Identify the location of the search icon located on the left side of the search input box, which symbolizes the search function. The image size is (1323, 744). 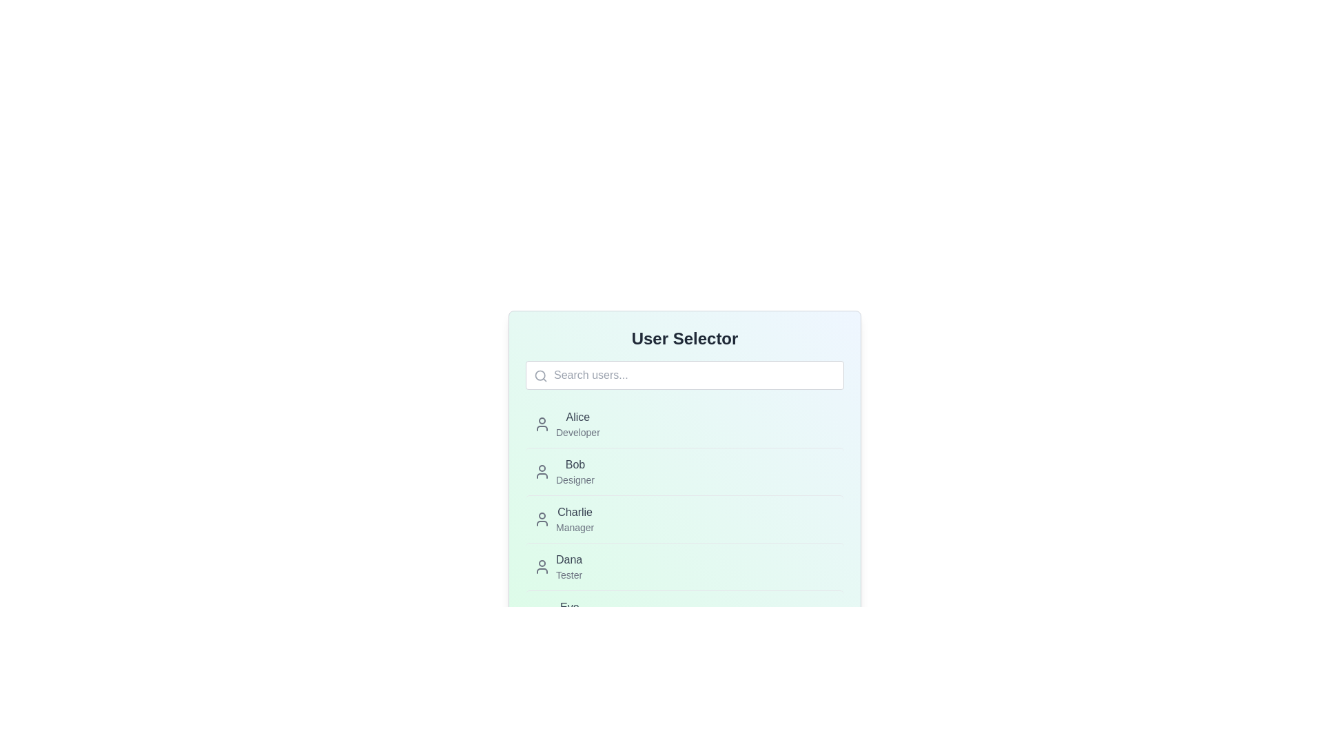
(540, 376).